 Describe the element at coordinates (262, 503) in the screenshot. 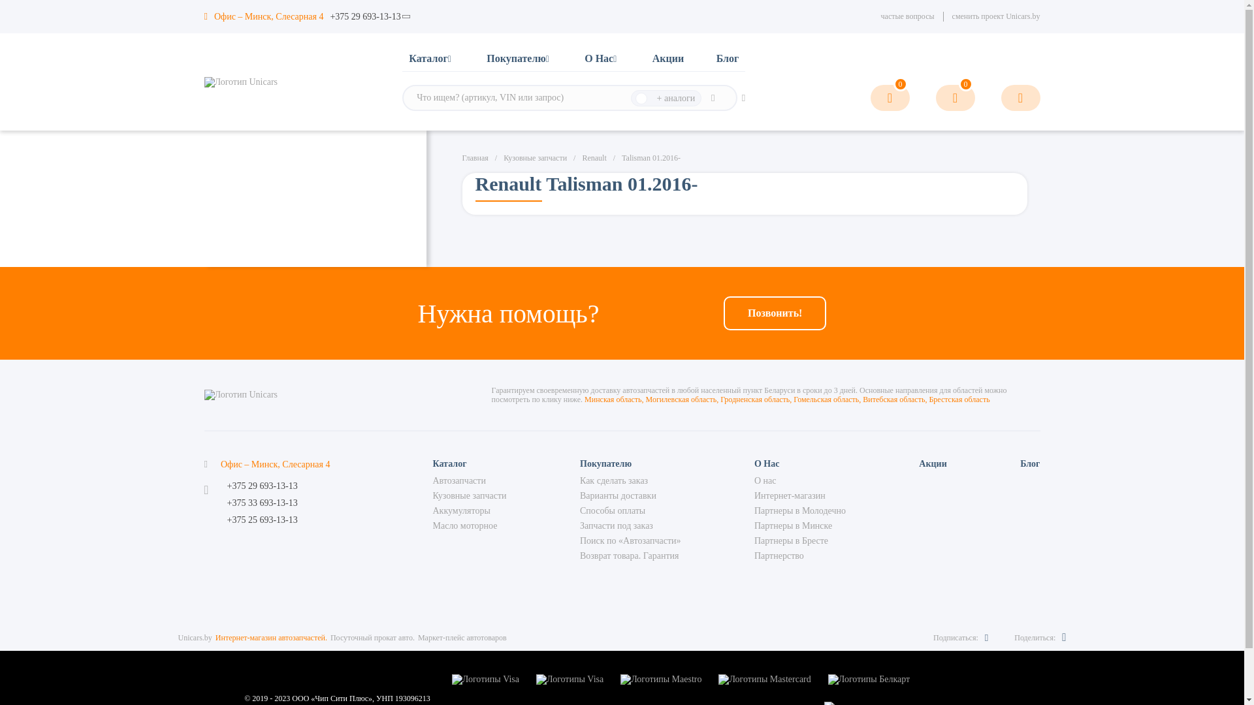

I see `'+375 33 693-13-13'` at that location.